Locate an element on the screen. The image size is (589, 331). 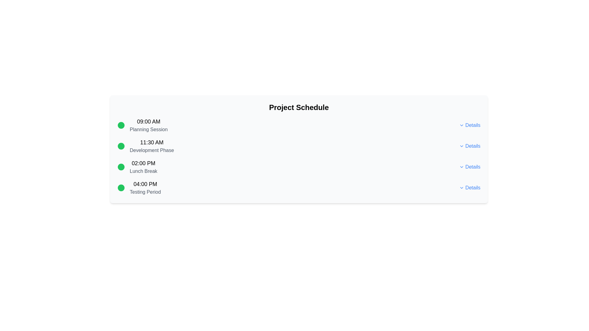
the text label displaying 'Development Phase' located beneath the '11:30 AM' text in the schedule layout is located at coordinates (152, 150).